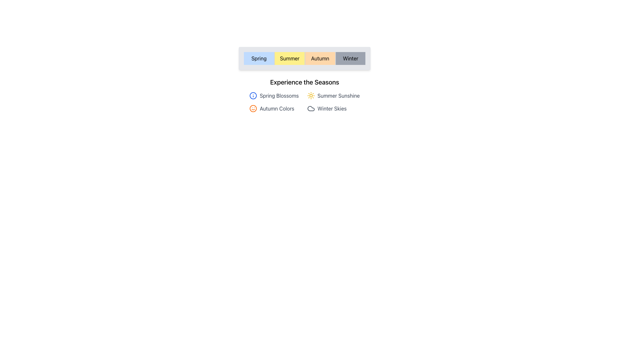 The height and width of the screenshot is (347, 617). I want to click on the 'Winter' button, which is the fourth button in a row of season-named buttons, so click(350, 58).